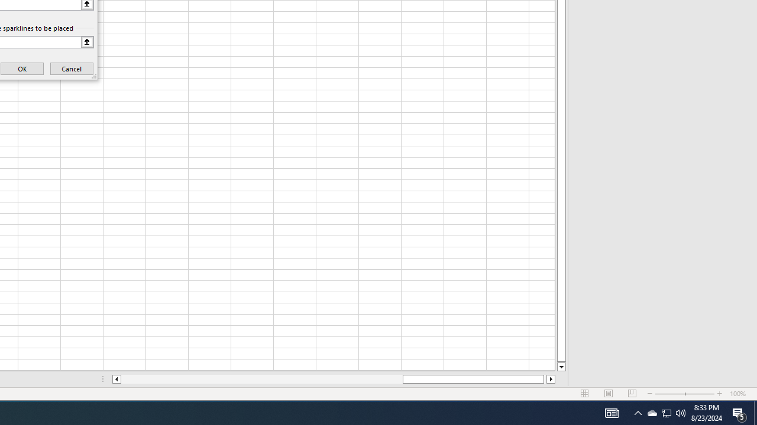 Image resolution: width=757 pixels, height=425 pixels. I want to click on 'Page Break Preview', so click(632, 394).